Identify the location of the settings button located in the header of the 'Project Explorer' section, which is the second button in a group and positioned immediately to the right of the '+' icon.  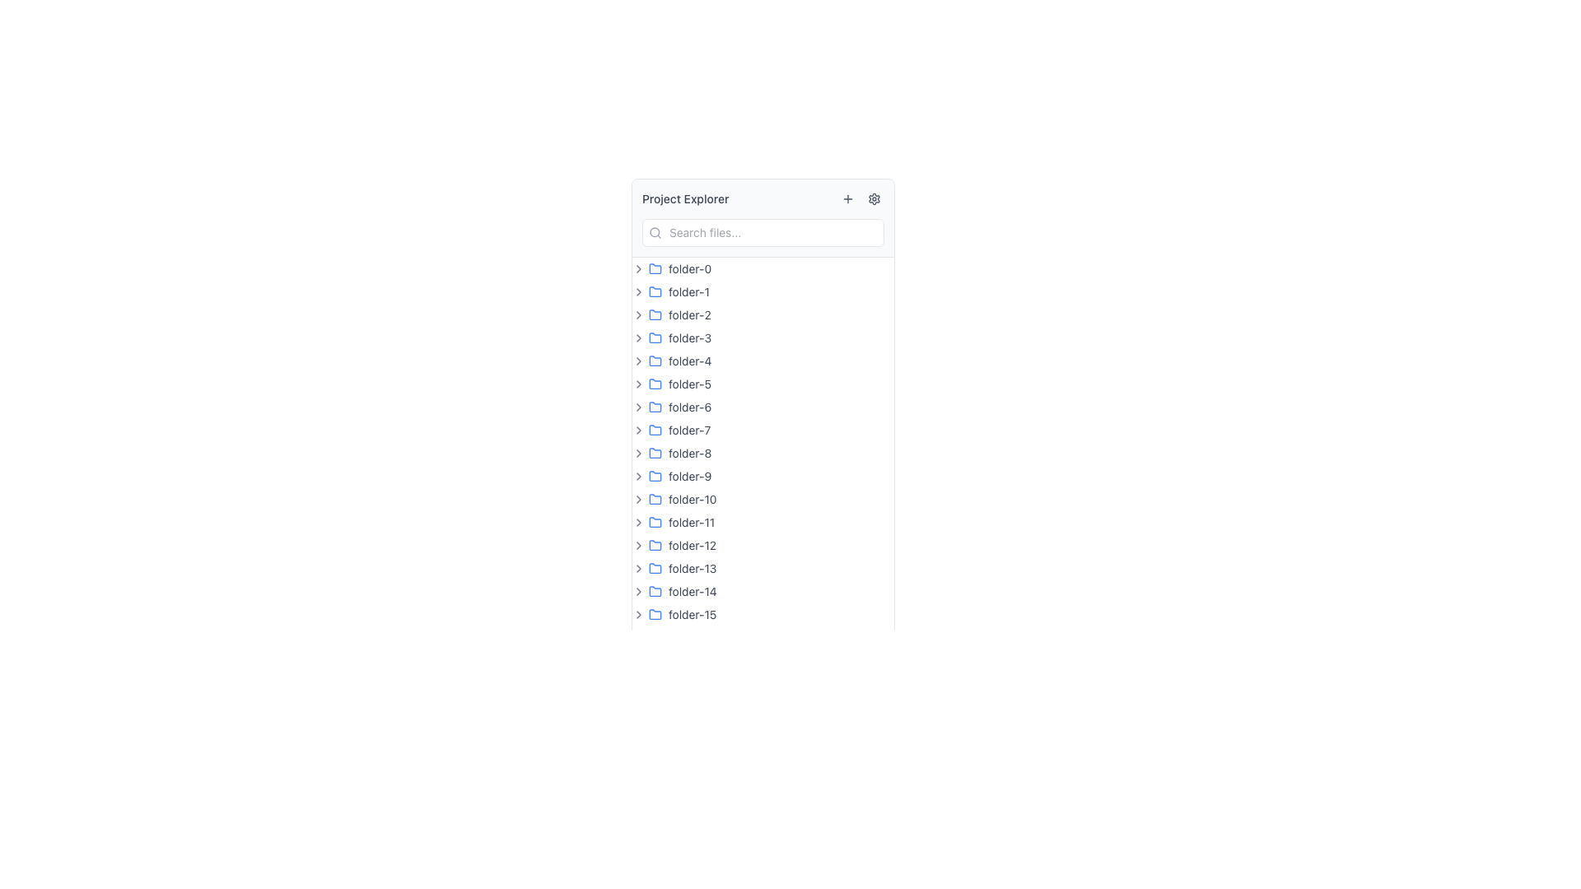
(873, 198).